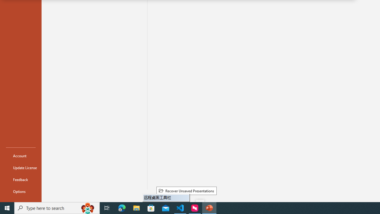 The width and height of the screenshot is (380, 214). I want to click on 'Options', so click(20, 191).